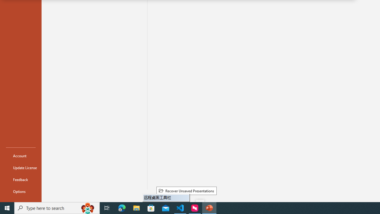 The width and height of the screenshot is (380, 214). I want to click on 'Options', so click(20, 191).